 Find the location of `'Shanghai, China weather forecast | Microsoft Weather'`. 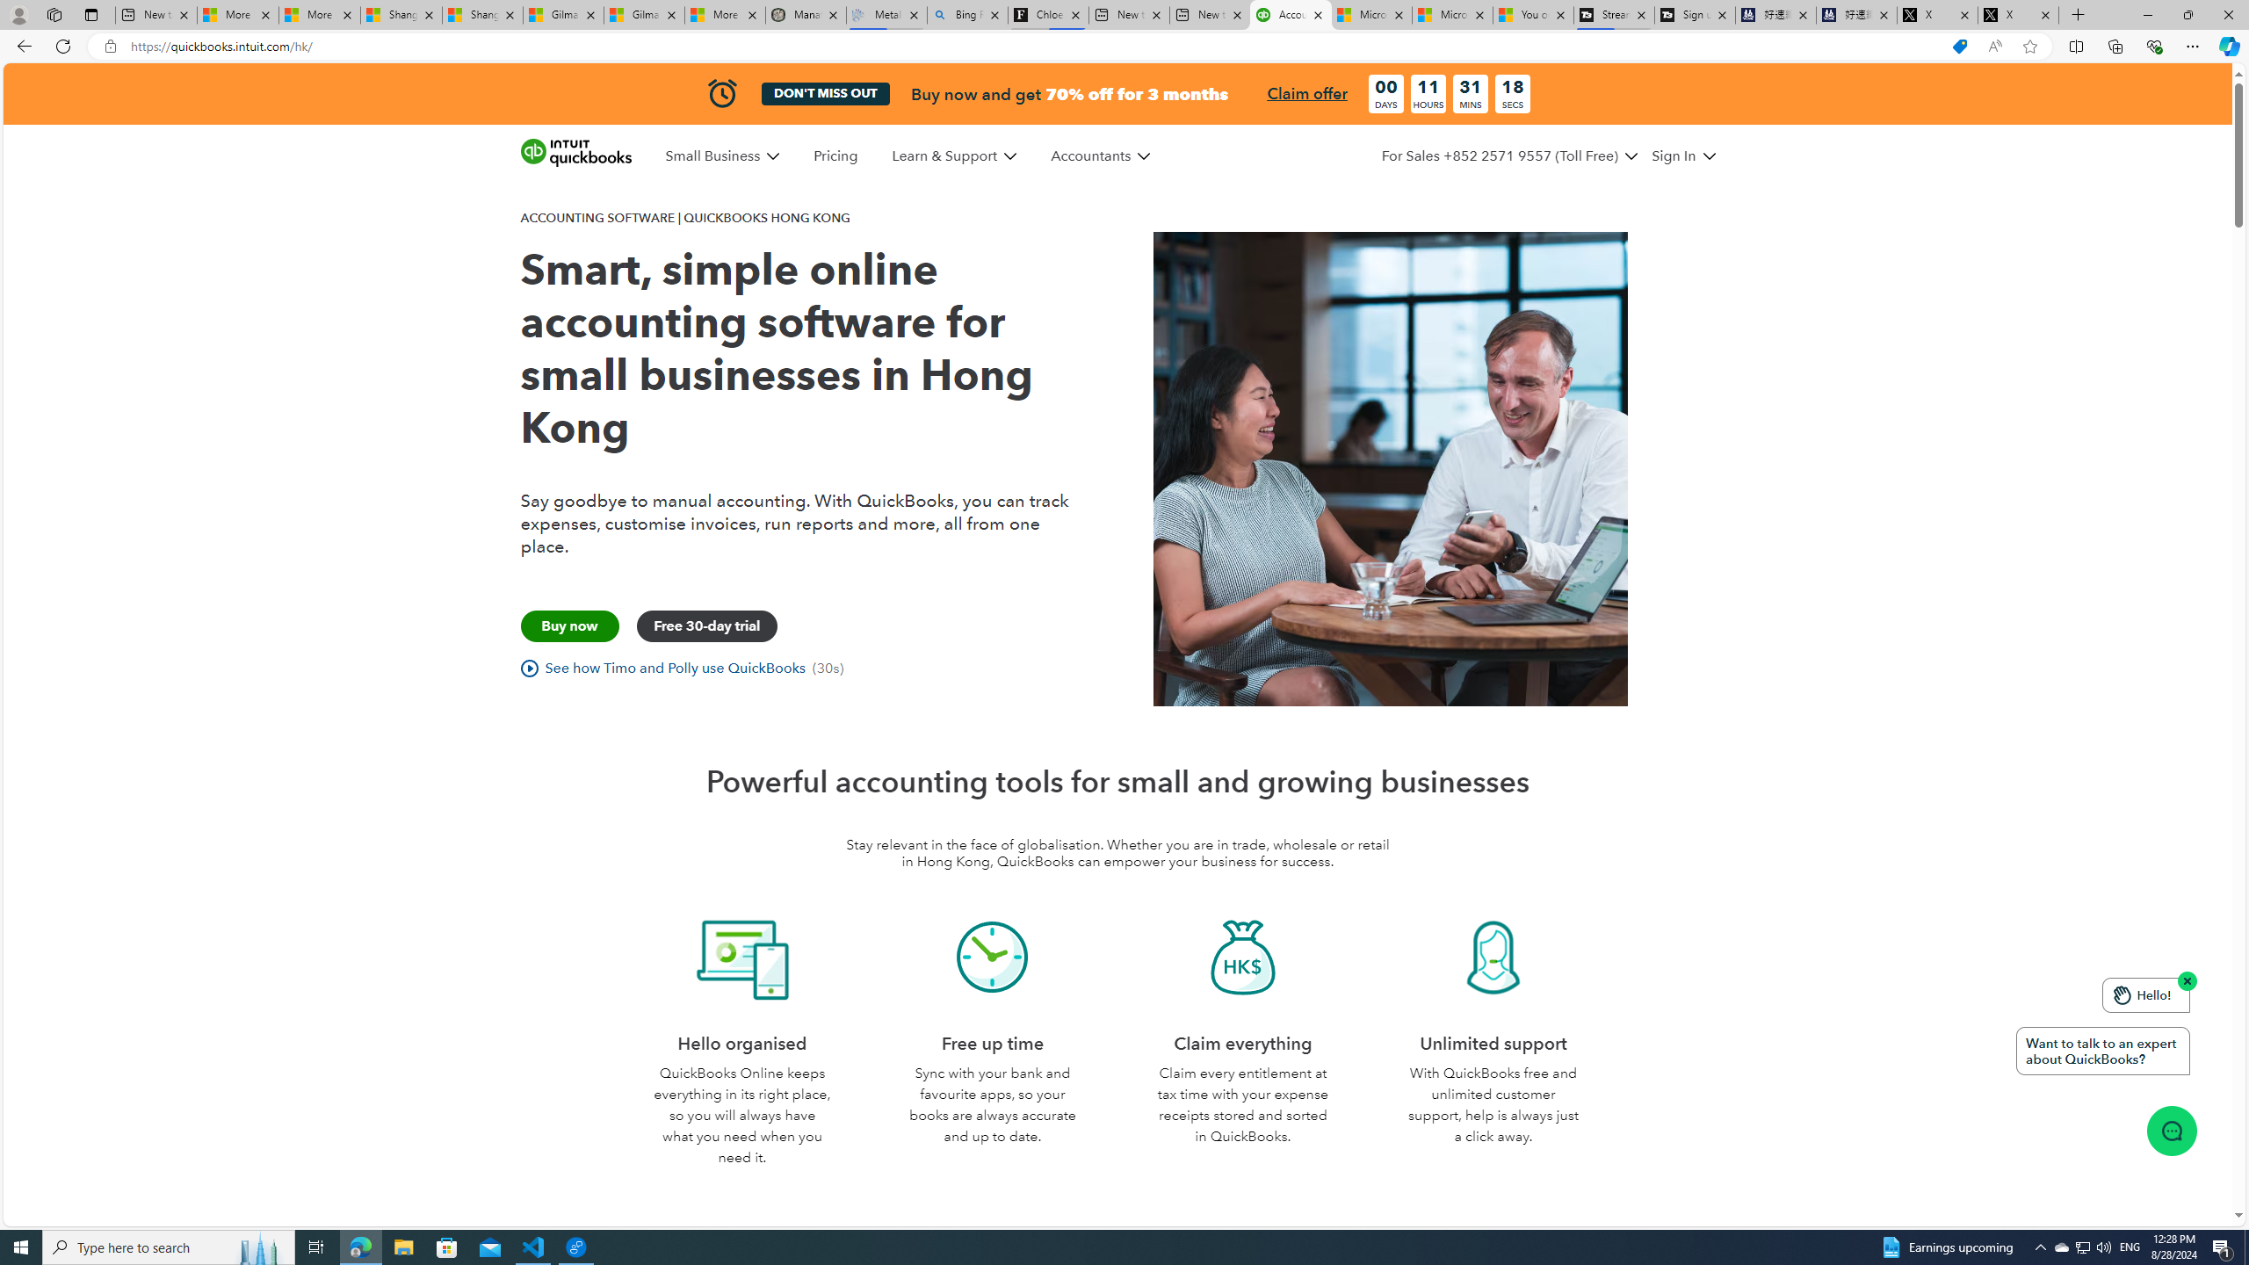

'Shanghai, China weather forecast | Microsoft Weather' is located at coordinates (482, 14).